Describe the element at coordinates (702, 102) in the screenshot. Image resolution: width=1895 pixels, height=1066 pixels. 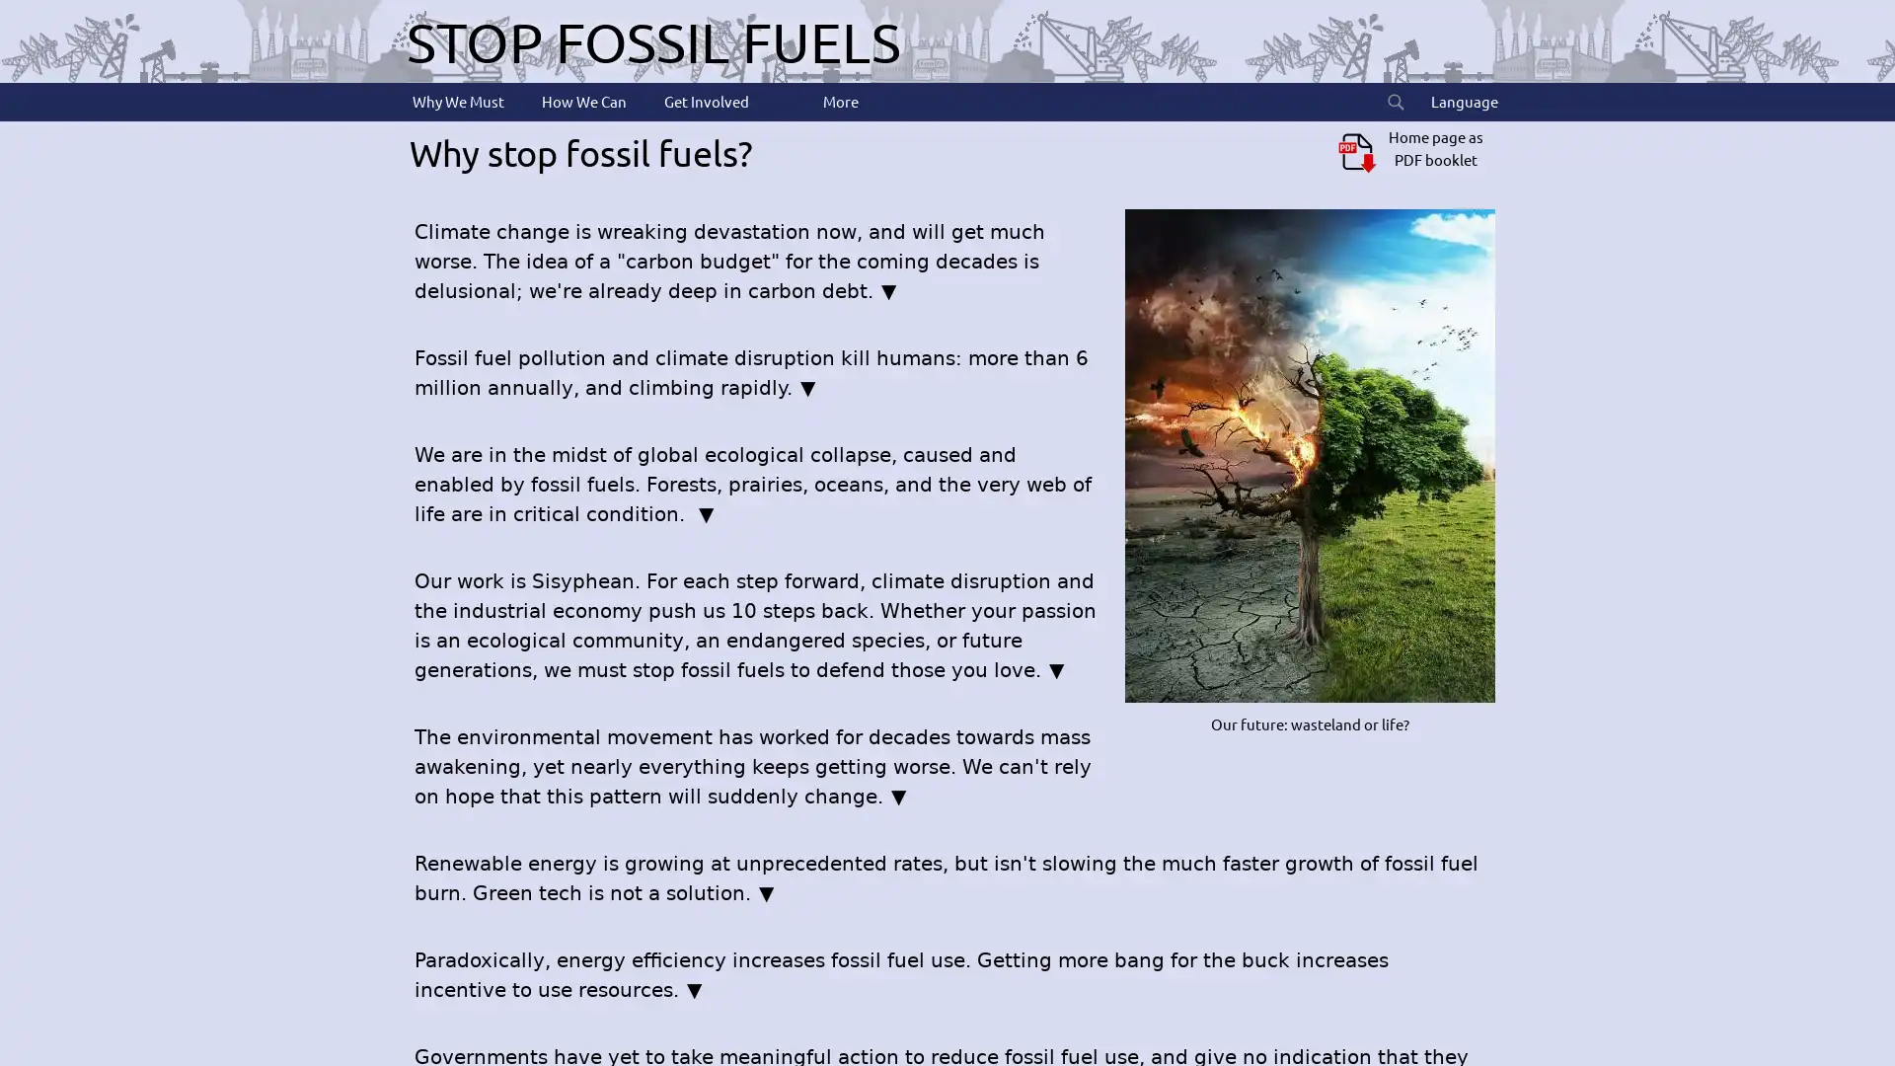
I see `Get Involved` at that location.